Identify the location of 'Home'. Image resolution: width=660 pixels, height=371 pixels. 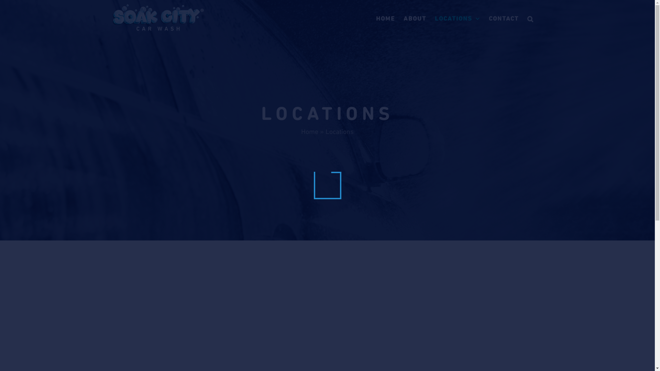
(309, 131).